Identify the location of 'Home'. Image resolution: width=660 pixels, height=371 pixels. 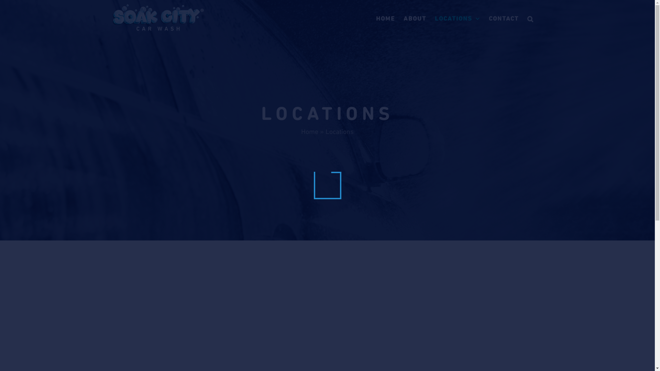
(309, 131).